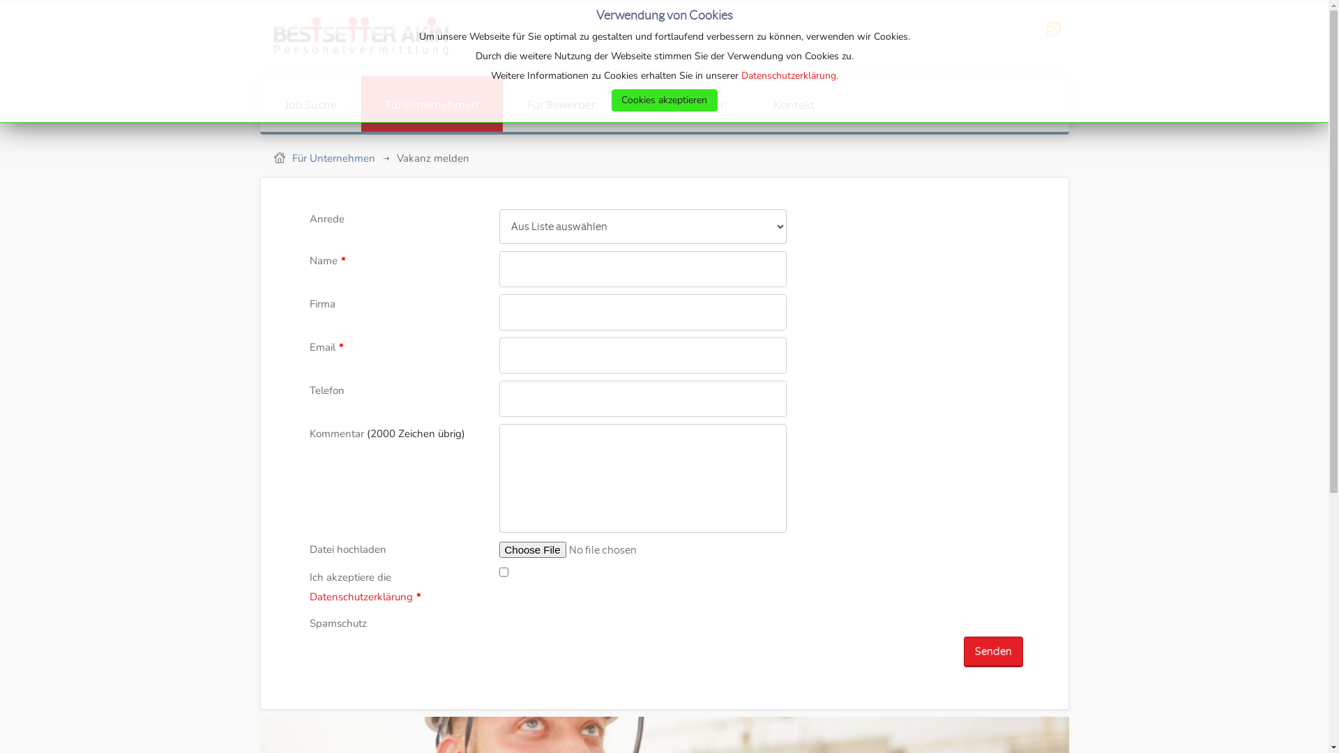 The height and width of the screenshot is (753, 1339). Describe the element at coordinates (1054, 37) in the screenshot. I see `'RSS Feed'` at that location.